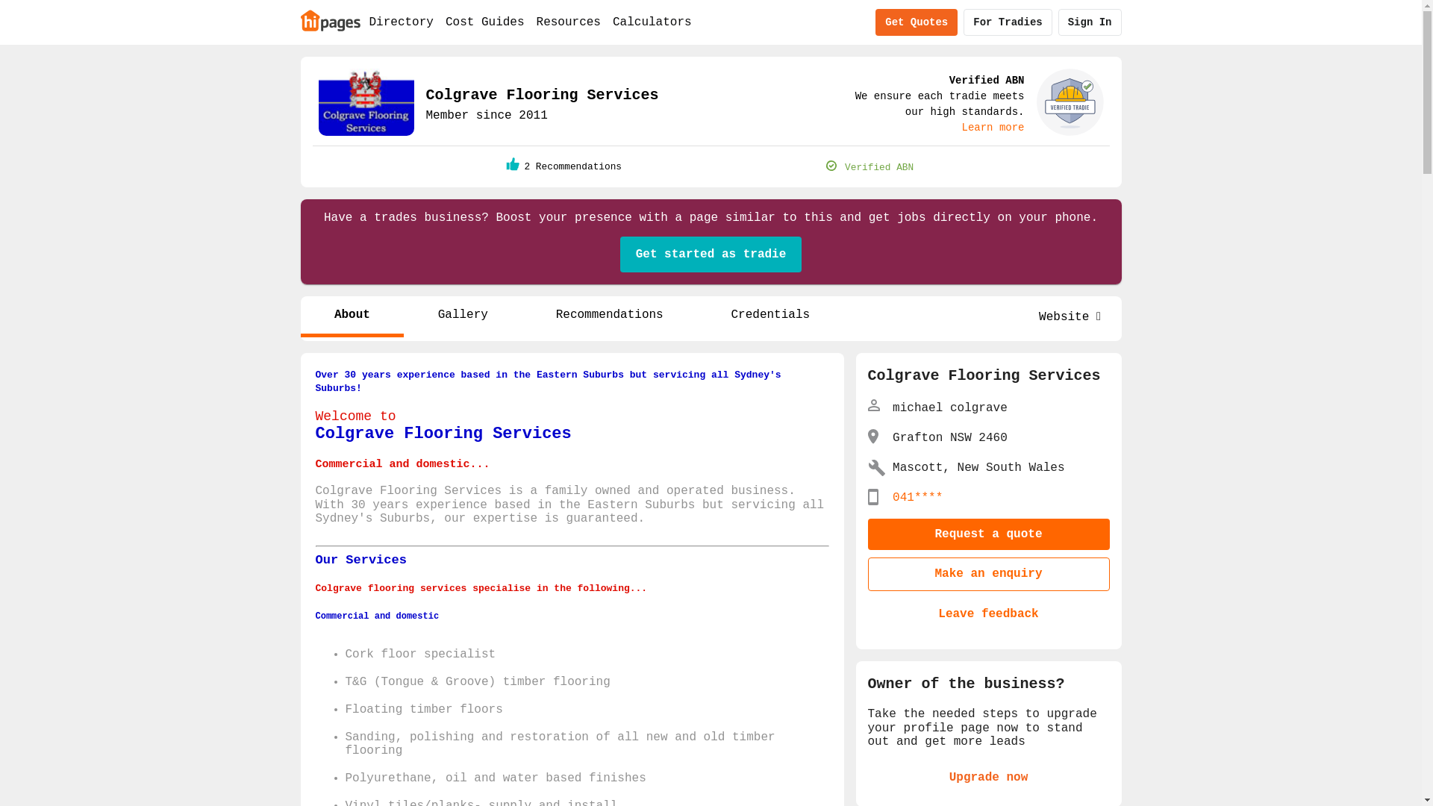  What do you see at coordinates (351, 316) in the screenshot?
I see `'About'` at bounding box center [351, 316].